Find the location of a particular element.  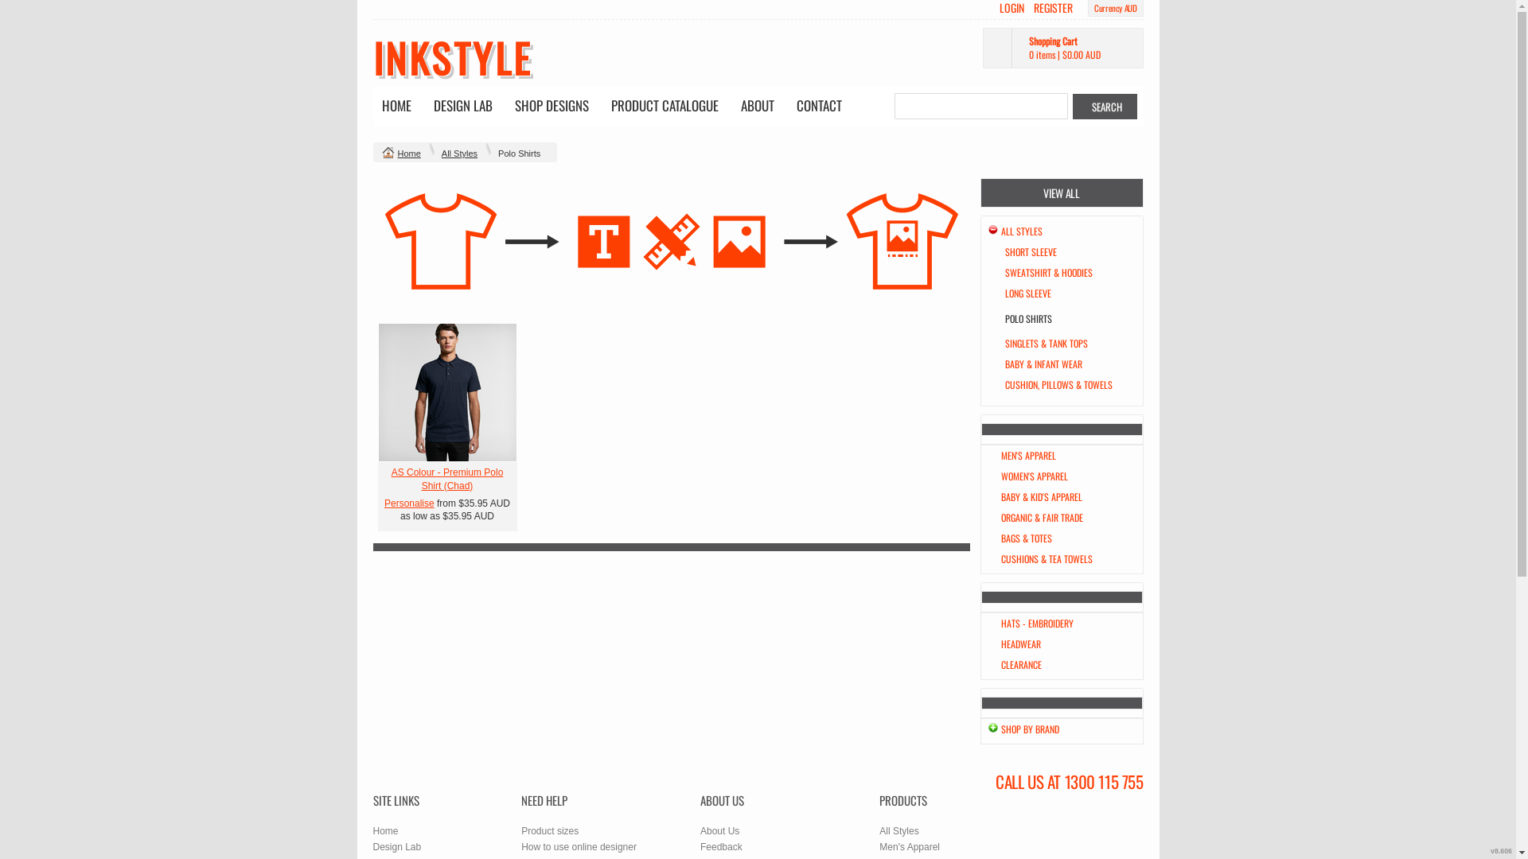

'REGISTER' is located at coordinates (1053, 8).